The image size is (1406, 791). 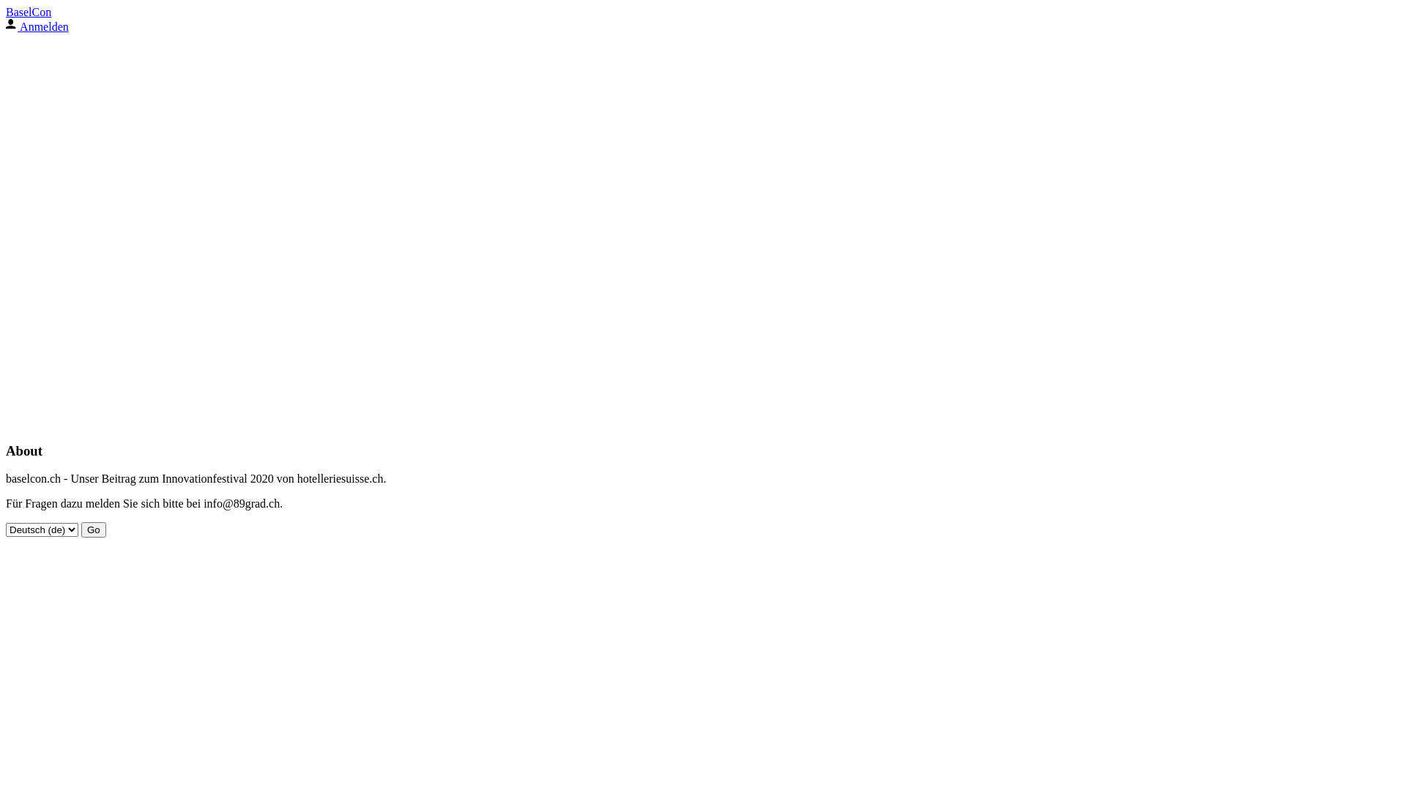 I want to click on 'Go', so click(x=80, y=530).